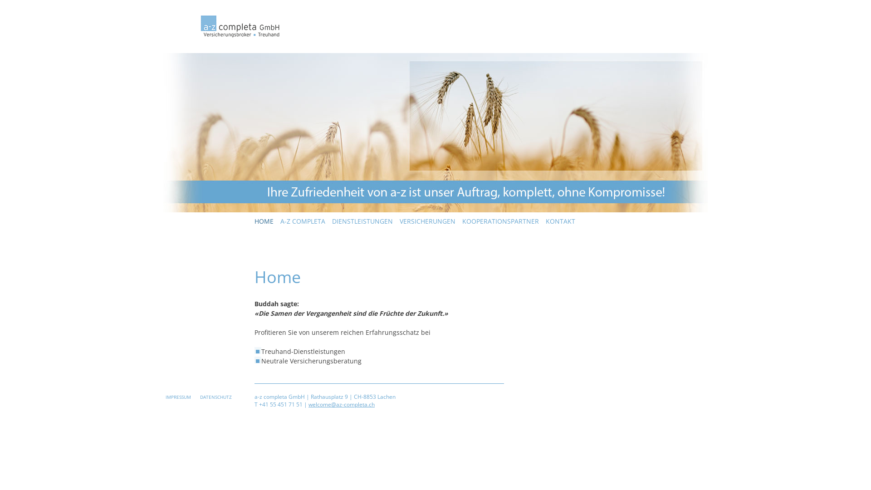 This screenshot has width=871, height=490. I want to click on 'IMPRESSUM', so click(181, 397).